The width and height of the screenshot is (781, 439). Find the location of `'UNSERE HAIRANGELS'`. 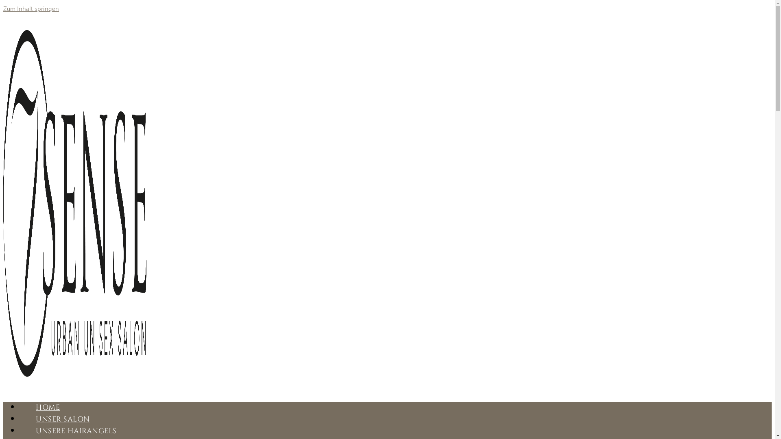

'UNSERE HAIRANGELS' is located at coordinates (76, 430).